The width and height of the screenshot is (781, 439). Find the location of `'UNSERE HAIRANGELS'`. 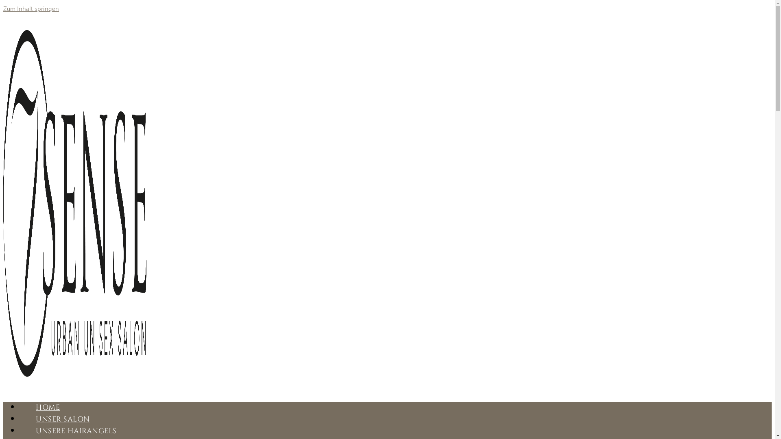

'UNSERE HAIRANGELS' is located at coordinates (76, 430).